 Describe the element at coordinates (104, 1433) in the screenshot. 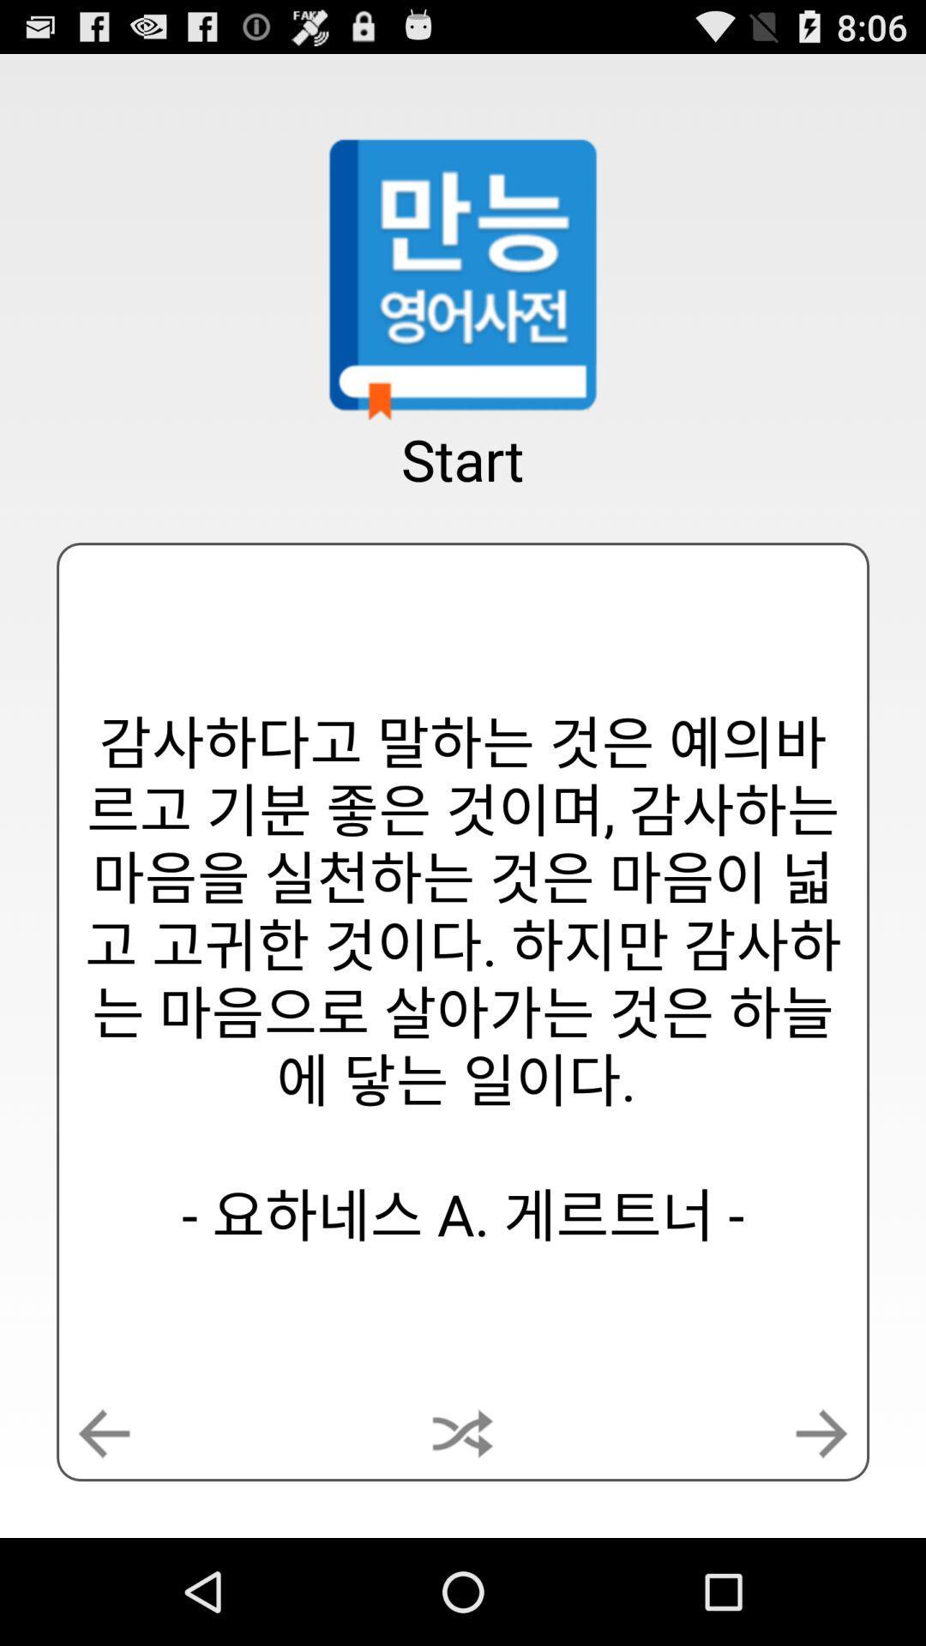

I see `the button at the bottom left corner` at that location.